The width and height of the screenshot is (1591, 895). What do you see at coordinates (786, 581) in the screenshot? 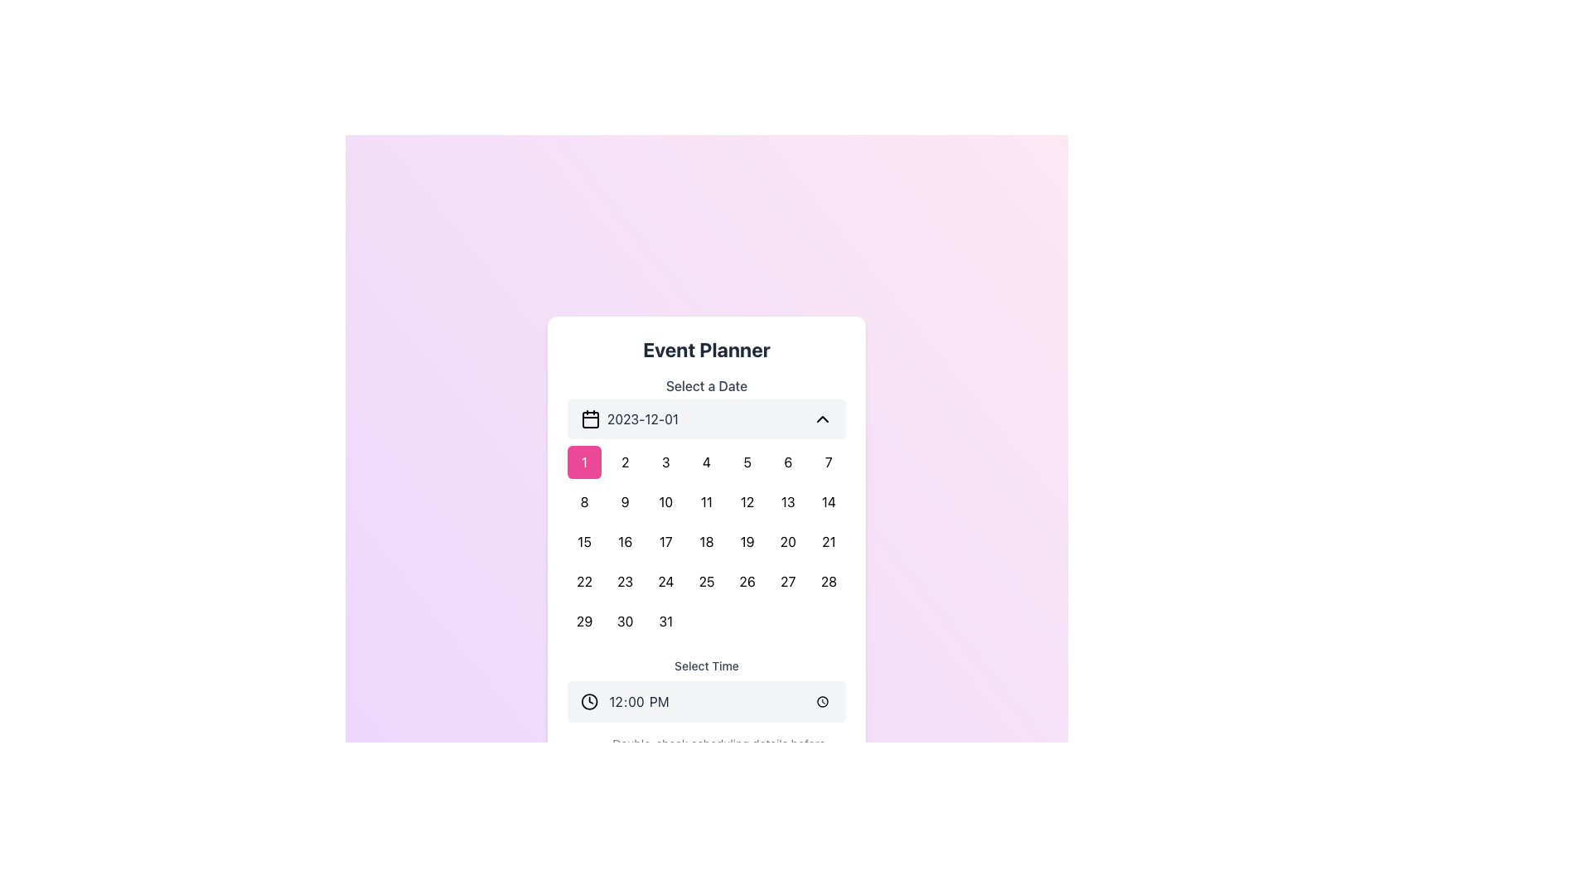
I see `the button representing the selectable date in the sixth row and sixth column of the calendar widget` at bounding box center [786, 581].